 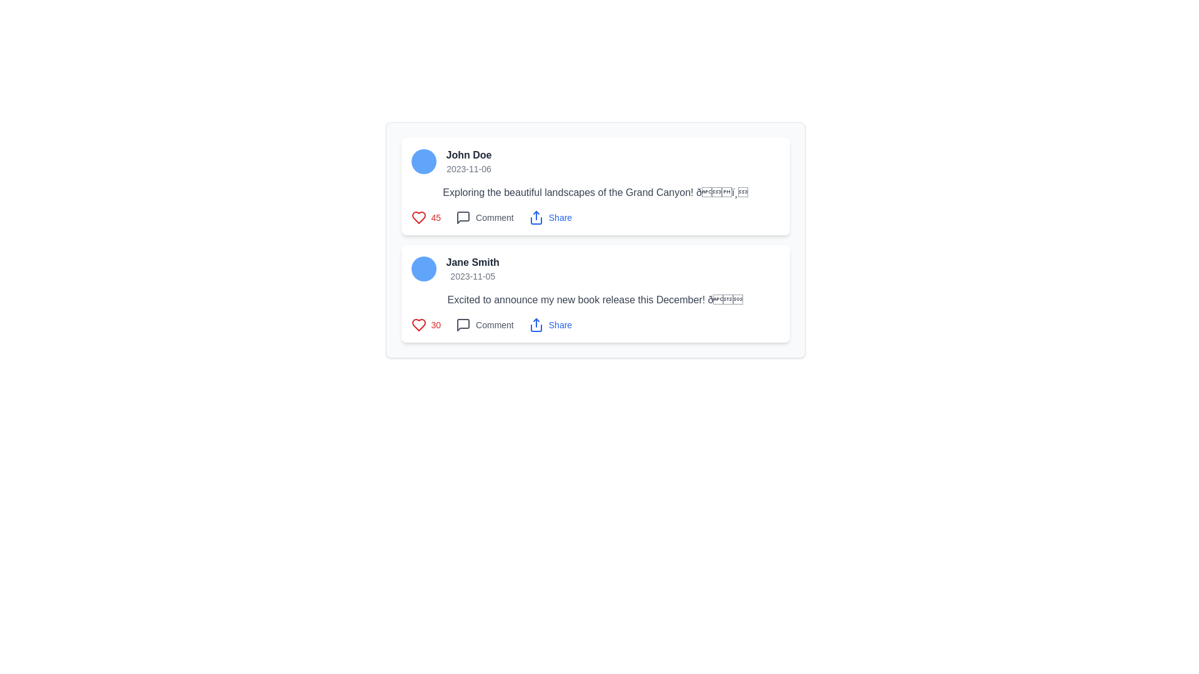 I want to click on the text label displaying the number '30', which is styled in small red font and positioned to the right of a heart-shaped icon in the lower section of the second post, so click(x=436, y=324).